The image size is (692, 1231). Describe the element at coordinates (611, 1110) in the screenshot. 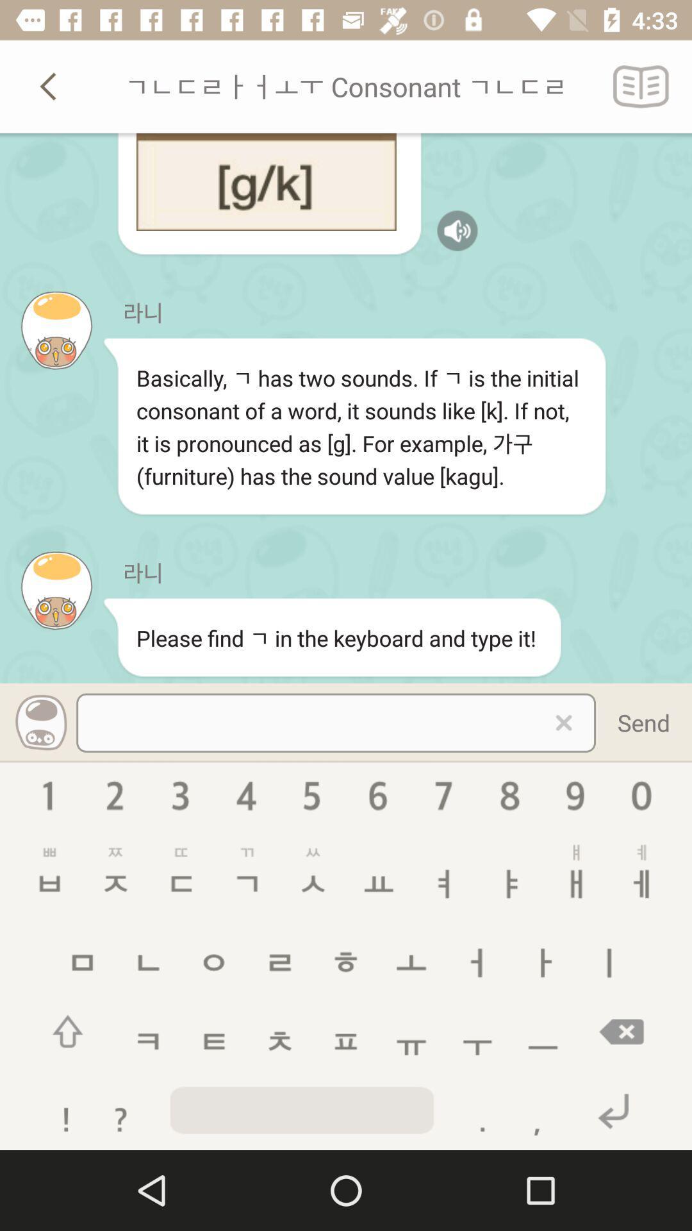

I see `the undo icon` at that location.